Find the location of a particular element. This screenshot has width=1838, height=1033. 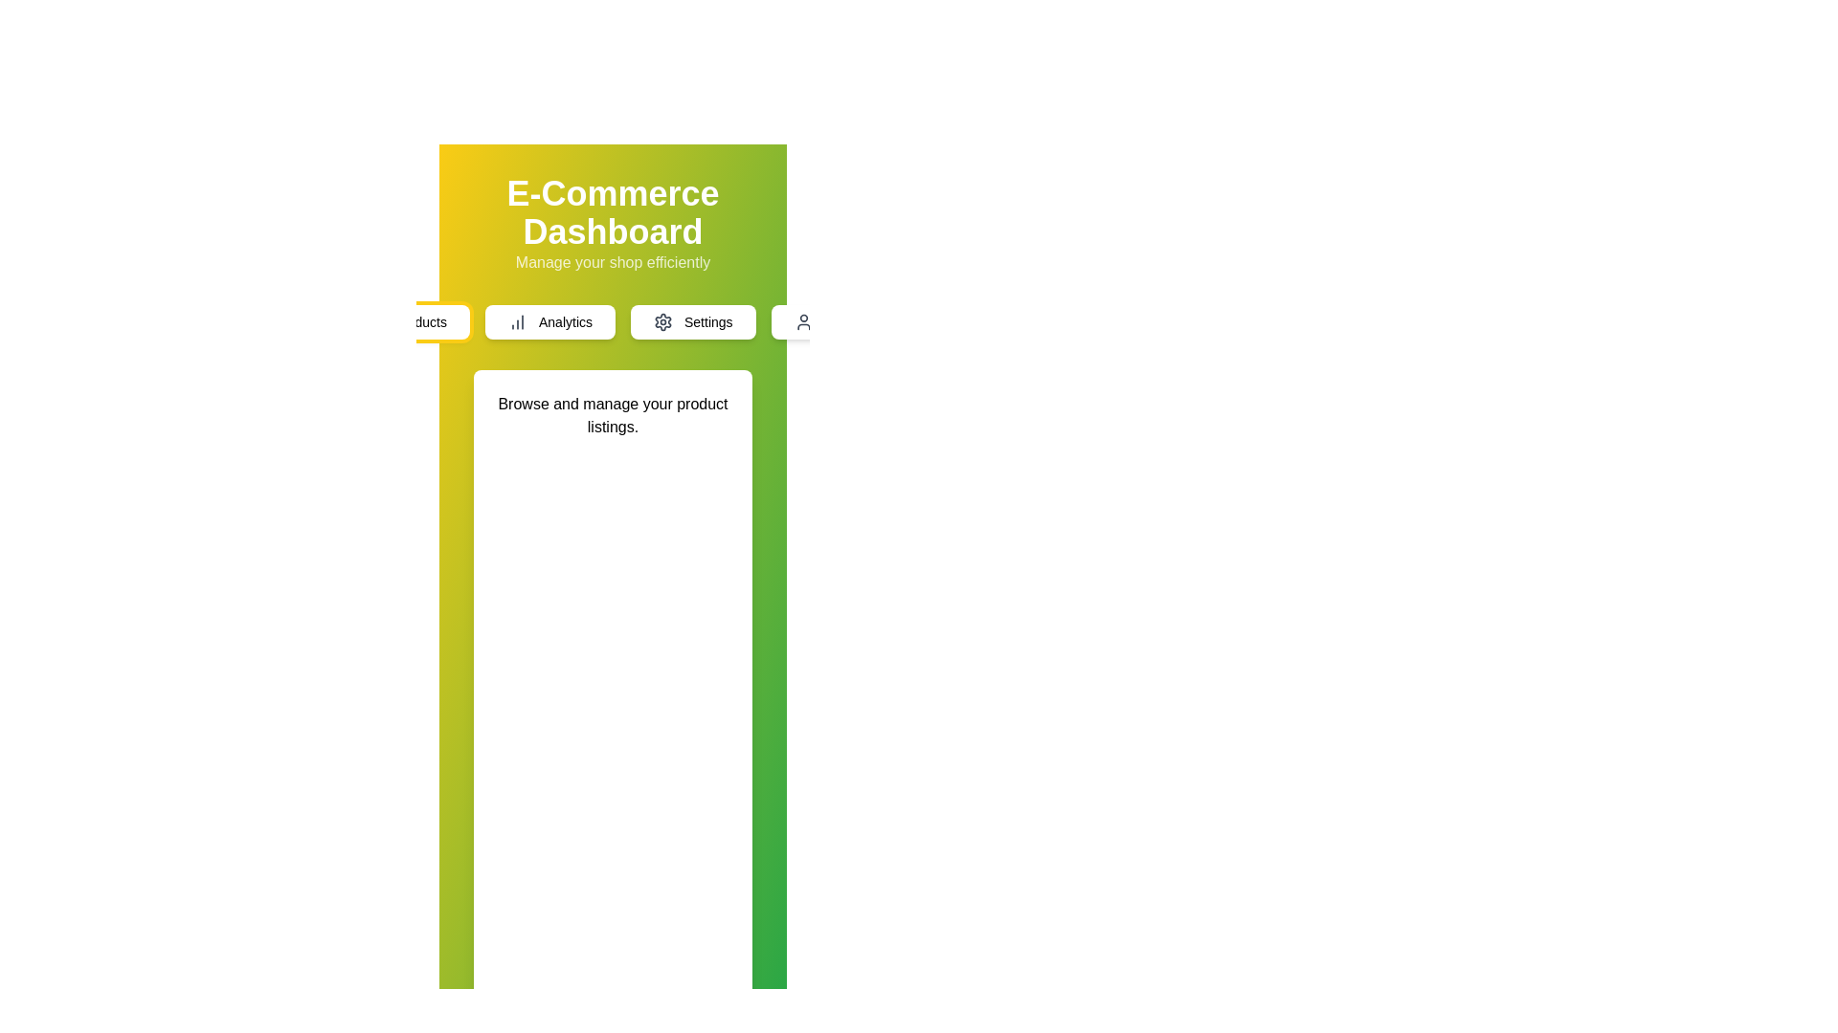

the navigation label for the settings section, which is the last button in the sequence after 'Products' and 'Analytics' is located at coordinates (707, 320).